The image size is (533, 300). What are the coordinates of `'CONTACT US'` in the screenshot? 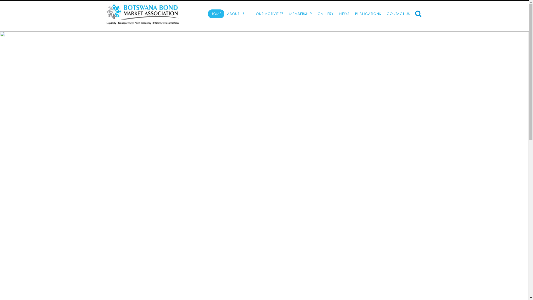 It's located at (383, 14).